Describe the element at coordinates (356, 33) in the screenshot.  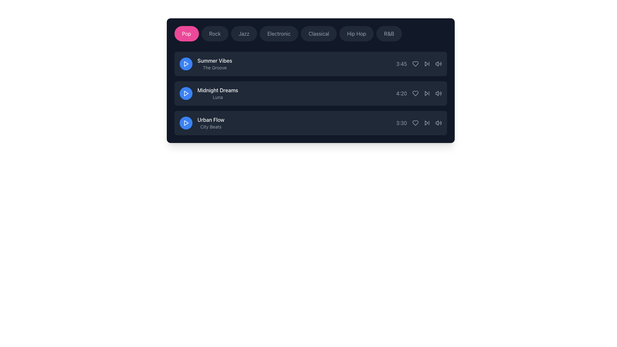
I see `the 'Hip Hop' button, which is a pill-shaped button with light gray text on a dark gray background, to filter the content by the Hip Hop genre` at that location.